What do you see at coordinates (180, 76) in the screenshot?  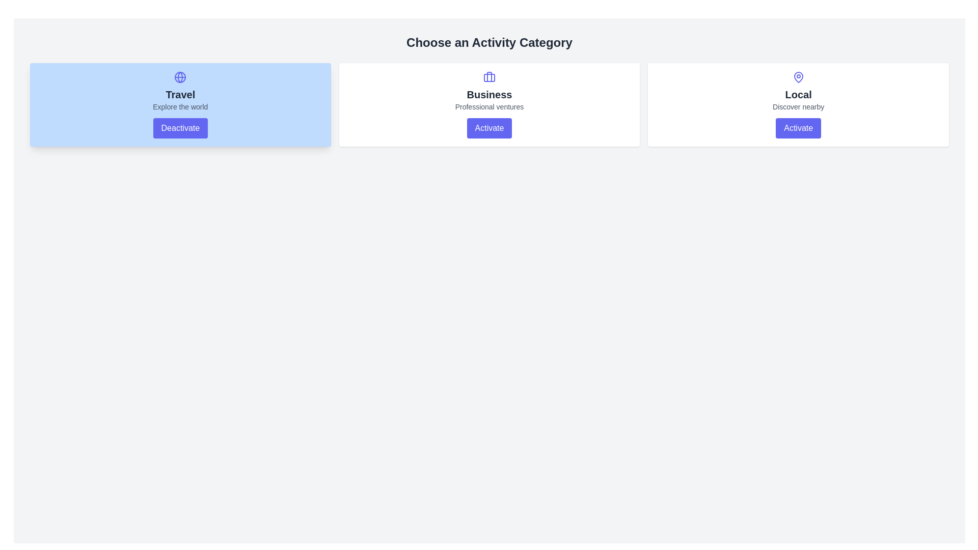 I see `the circular globe icon with indigo-blue color located at the top center of the 'Travel' category card, which displays the title 'Travel'` at bounding box center [180, 76].